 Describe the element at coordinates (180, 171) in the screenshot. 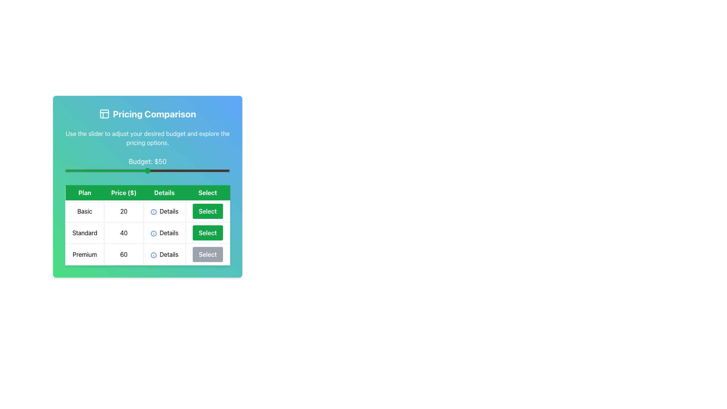

I see `the budget` at that location.